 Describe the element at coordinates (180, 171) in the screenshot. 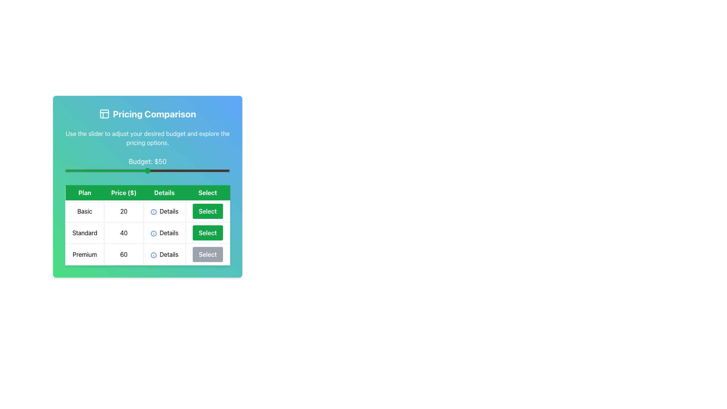

I see `the budget` at that location.